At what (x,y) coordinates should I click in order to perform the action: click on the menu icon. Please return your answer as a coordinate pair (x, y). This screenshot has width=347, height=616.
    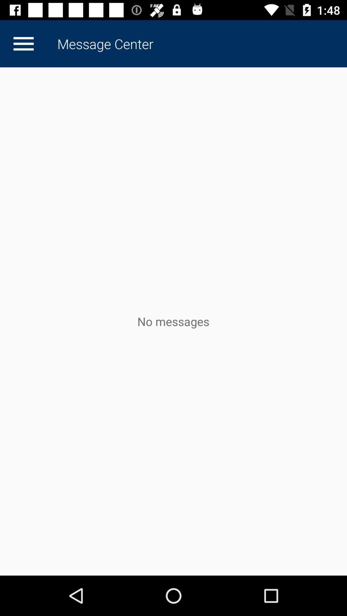
    Looking at the image, I should click on (23, 43).